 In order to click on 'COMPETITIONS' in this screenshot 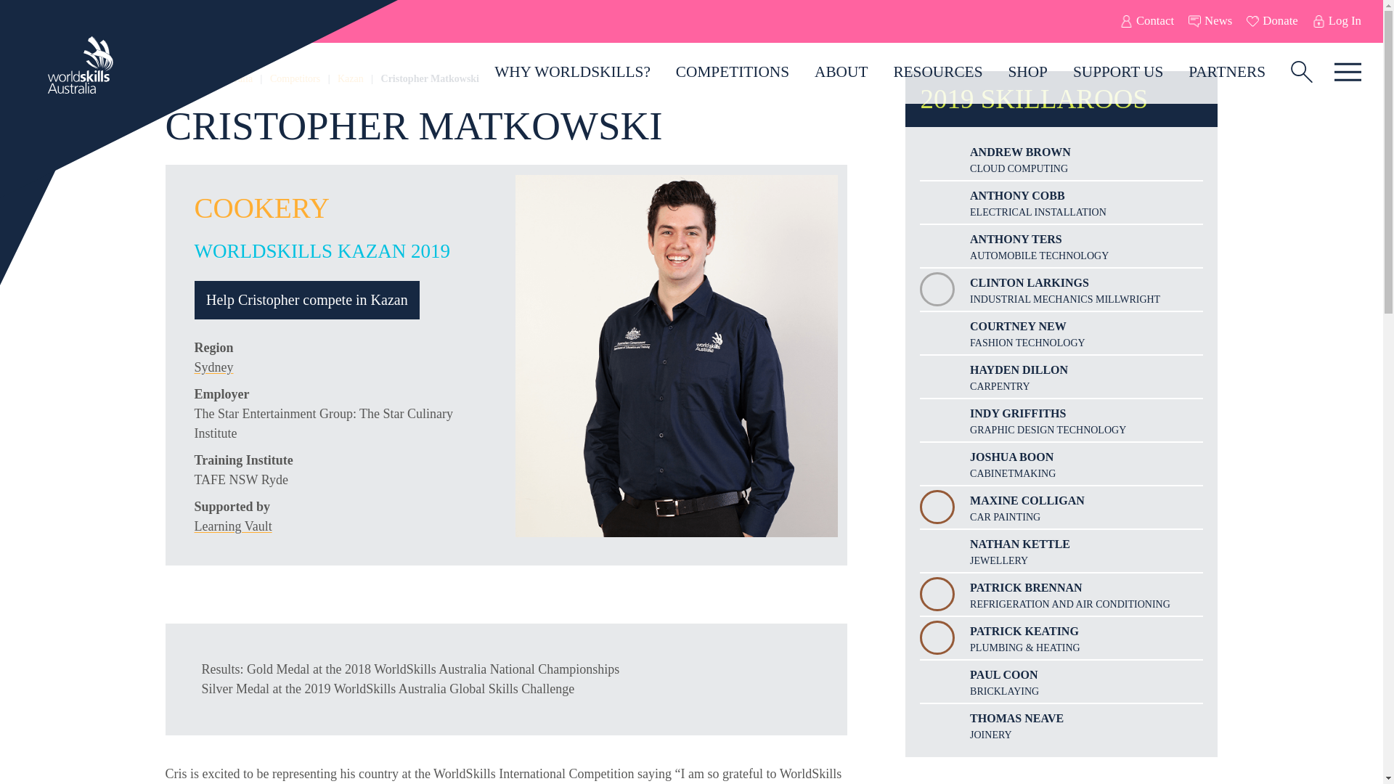, I will do `click(732, 72)`.